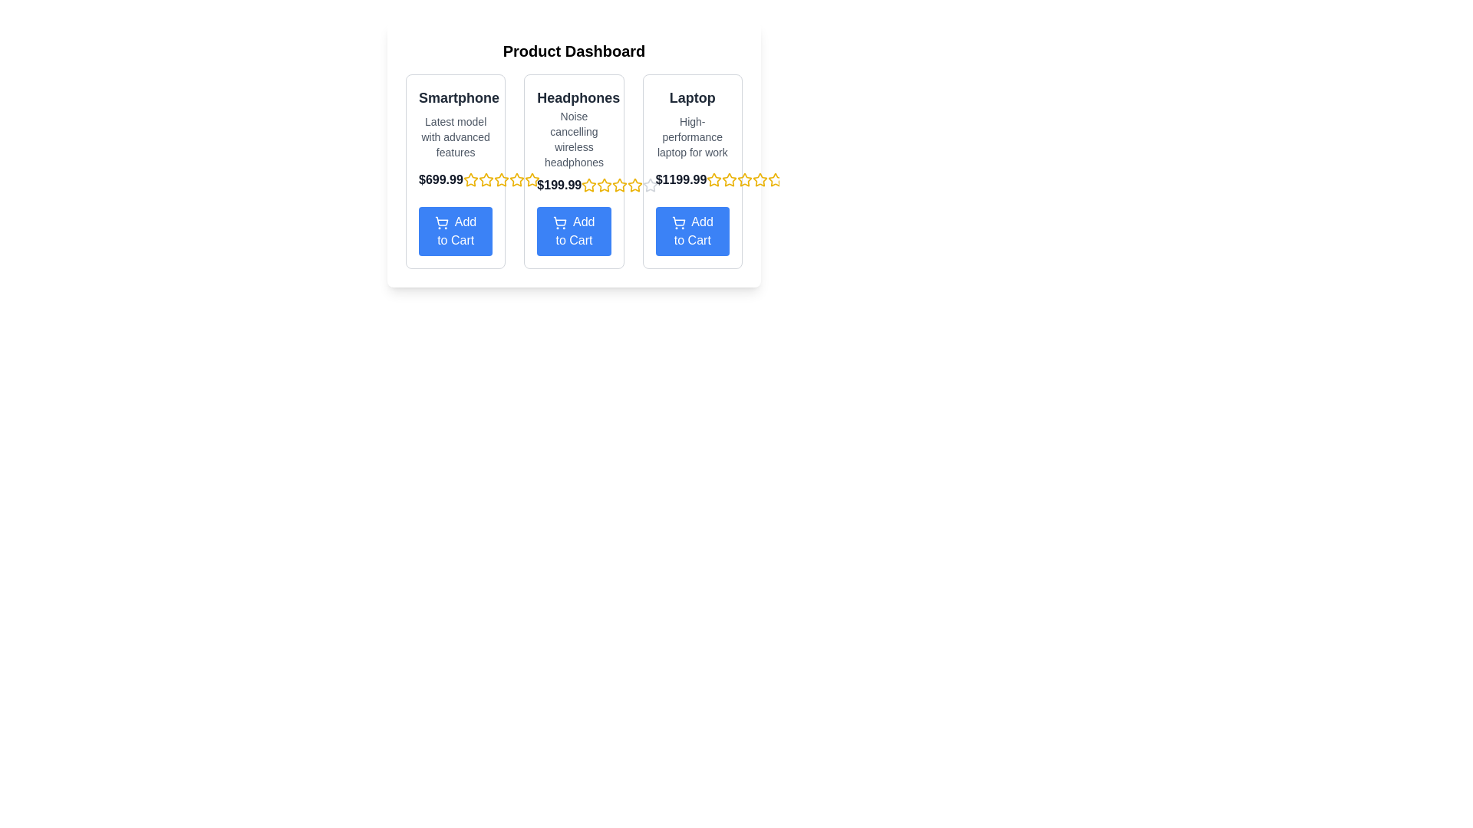  What do you see at coordinates (588, 185) in the screenshot?
I see `the first star icon with yellow borders below the 'Headphones' product to rate it` at bounding box center [588, 185].